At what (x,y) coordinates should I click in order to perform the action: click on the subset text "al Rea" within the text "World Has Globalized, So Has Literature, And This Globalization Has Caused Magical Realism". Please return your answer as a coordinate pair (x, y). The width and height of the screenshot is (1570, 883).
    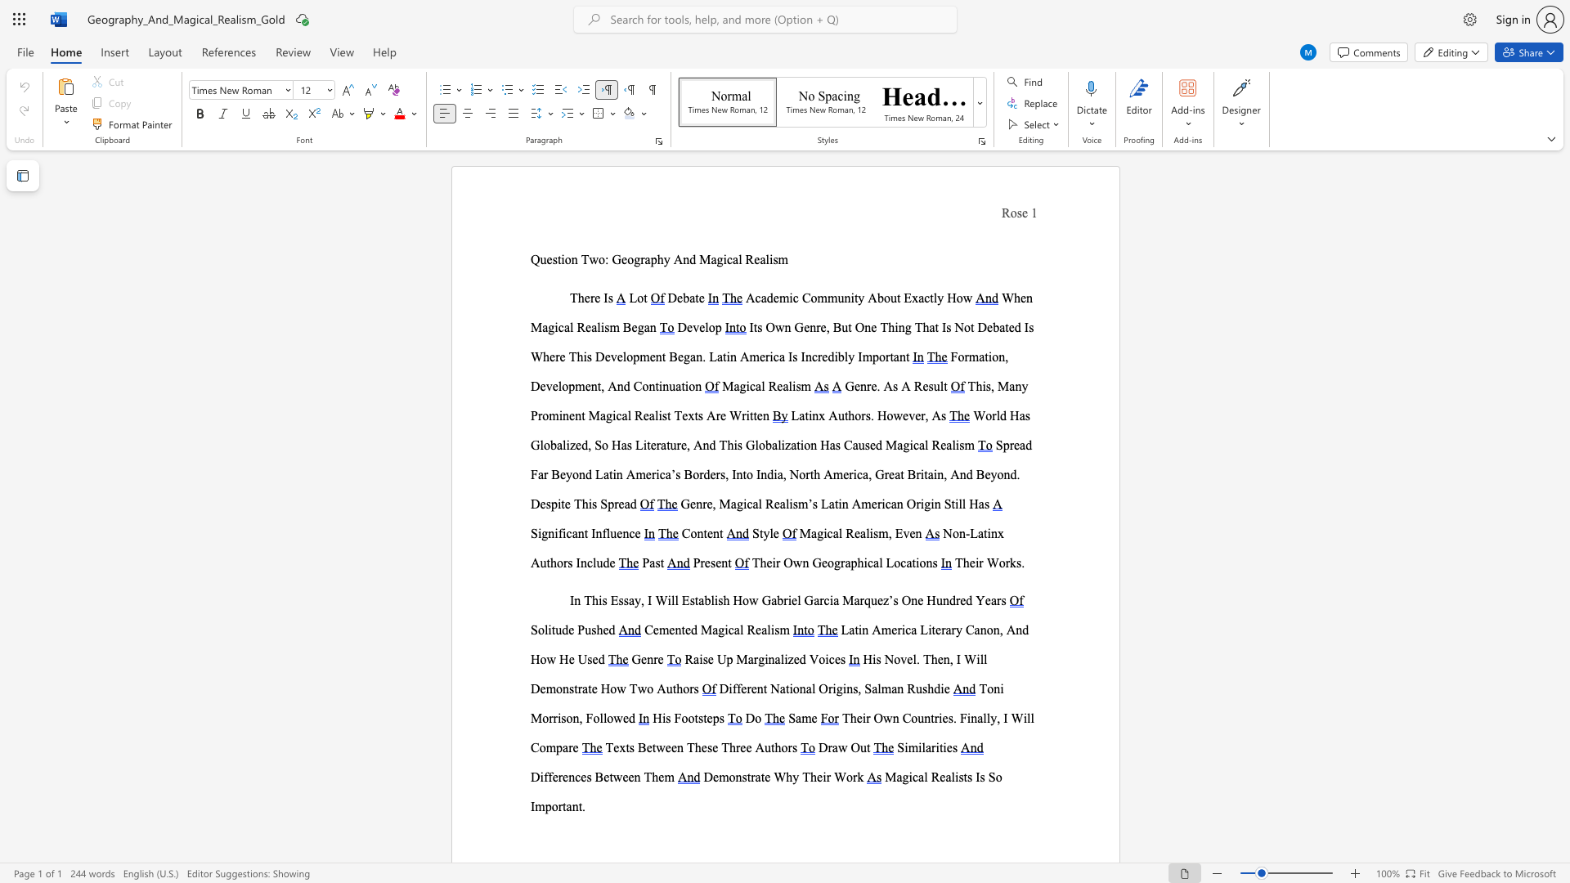
    Looking at the image, I should click on (918, 445).